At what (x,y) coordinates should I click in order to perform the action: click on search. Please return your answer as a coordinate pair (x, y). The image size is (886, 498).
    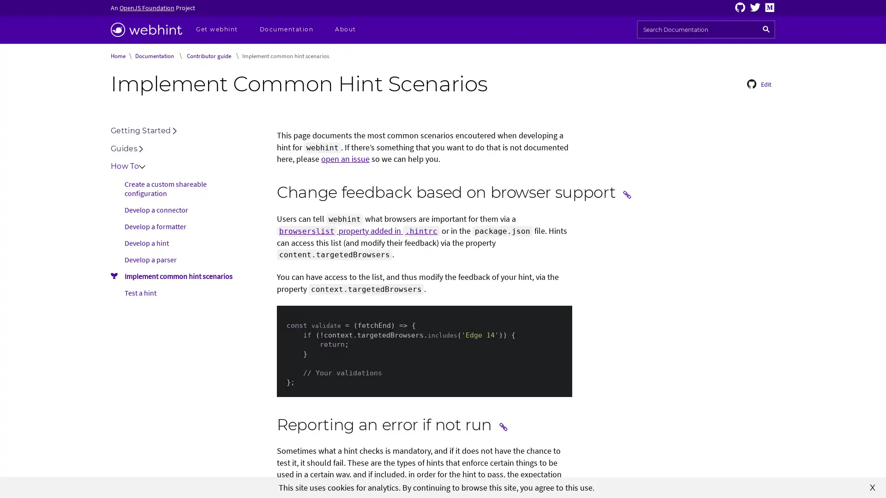
    Looking at the image, I should click on (766, 29).